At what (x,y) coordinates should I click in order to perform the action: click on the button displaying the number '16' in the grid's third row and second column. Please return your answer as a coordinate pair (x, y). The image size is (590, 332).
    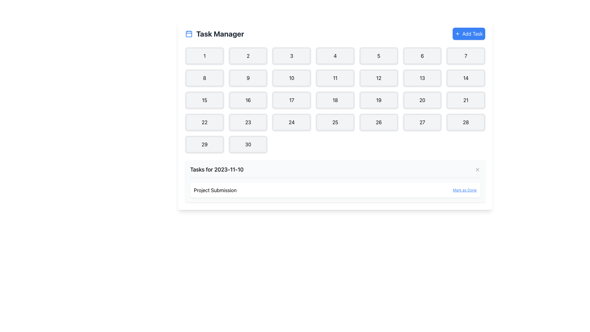
    Looking at the image, I should click on (248, 100).